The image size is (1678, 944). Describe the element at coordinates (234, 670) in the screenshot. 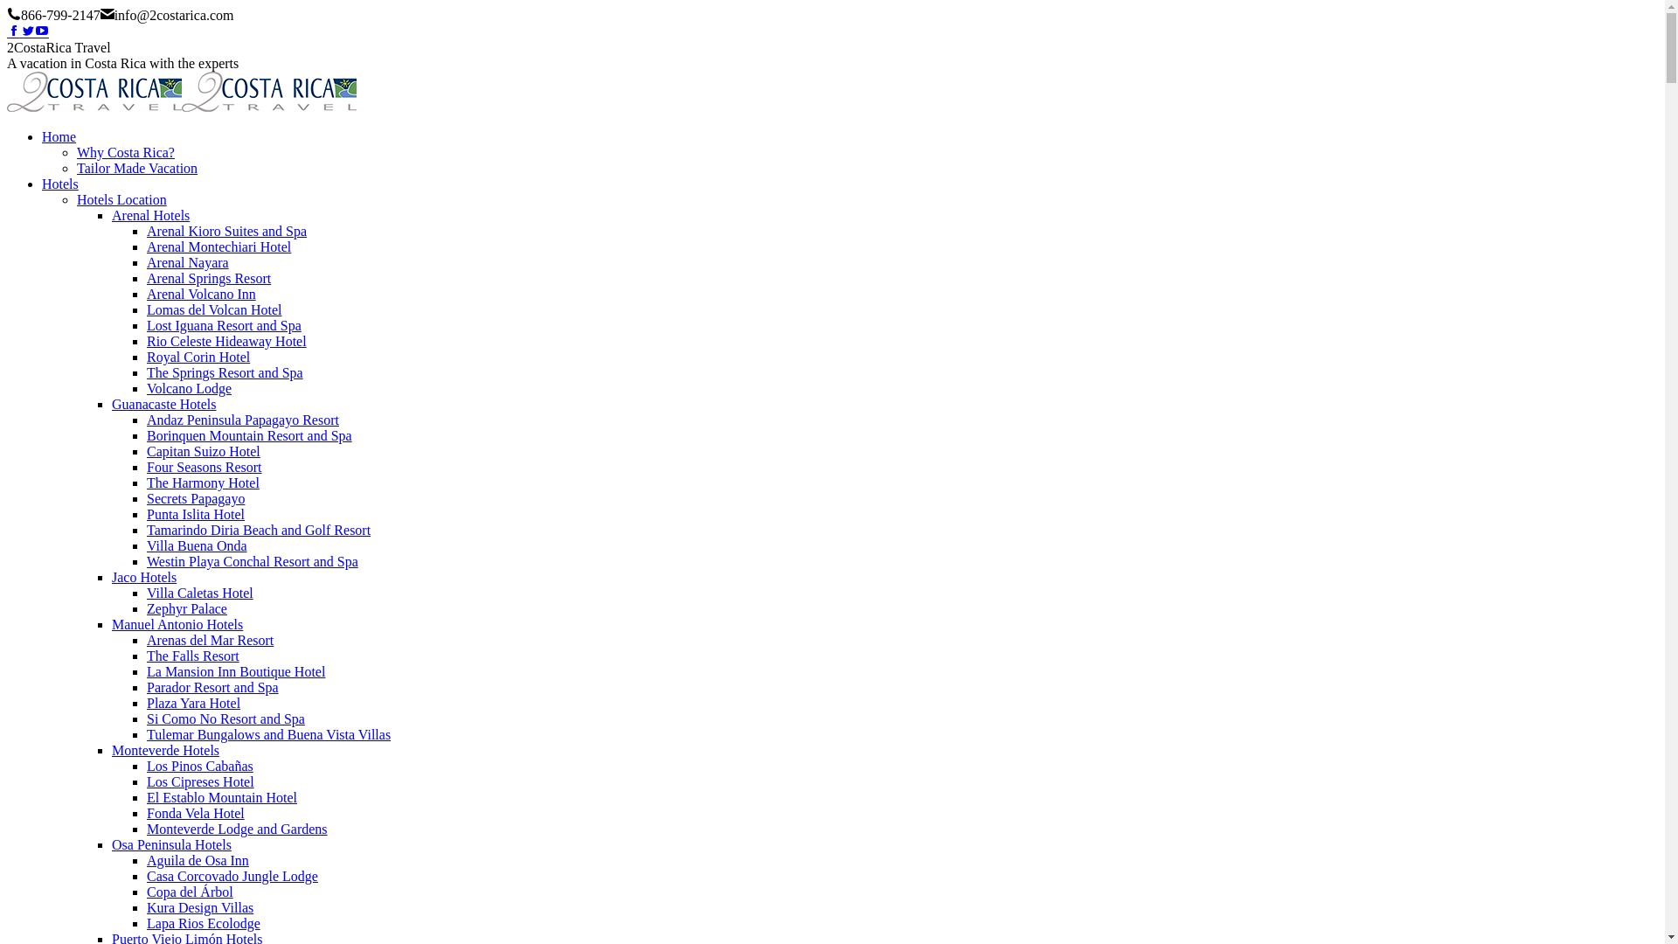

I see `'La Mansion Inn Boutique Hotel'` at that location.